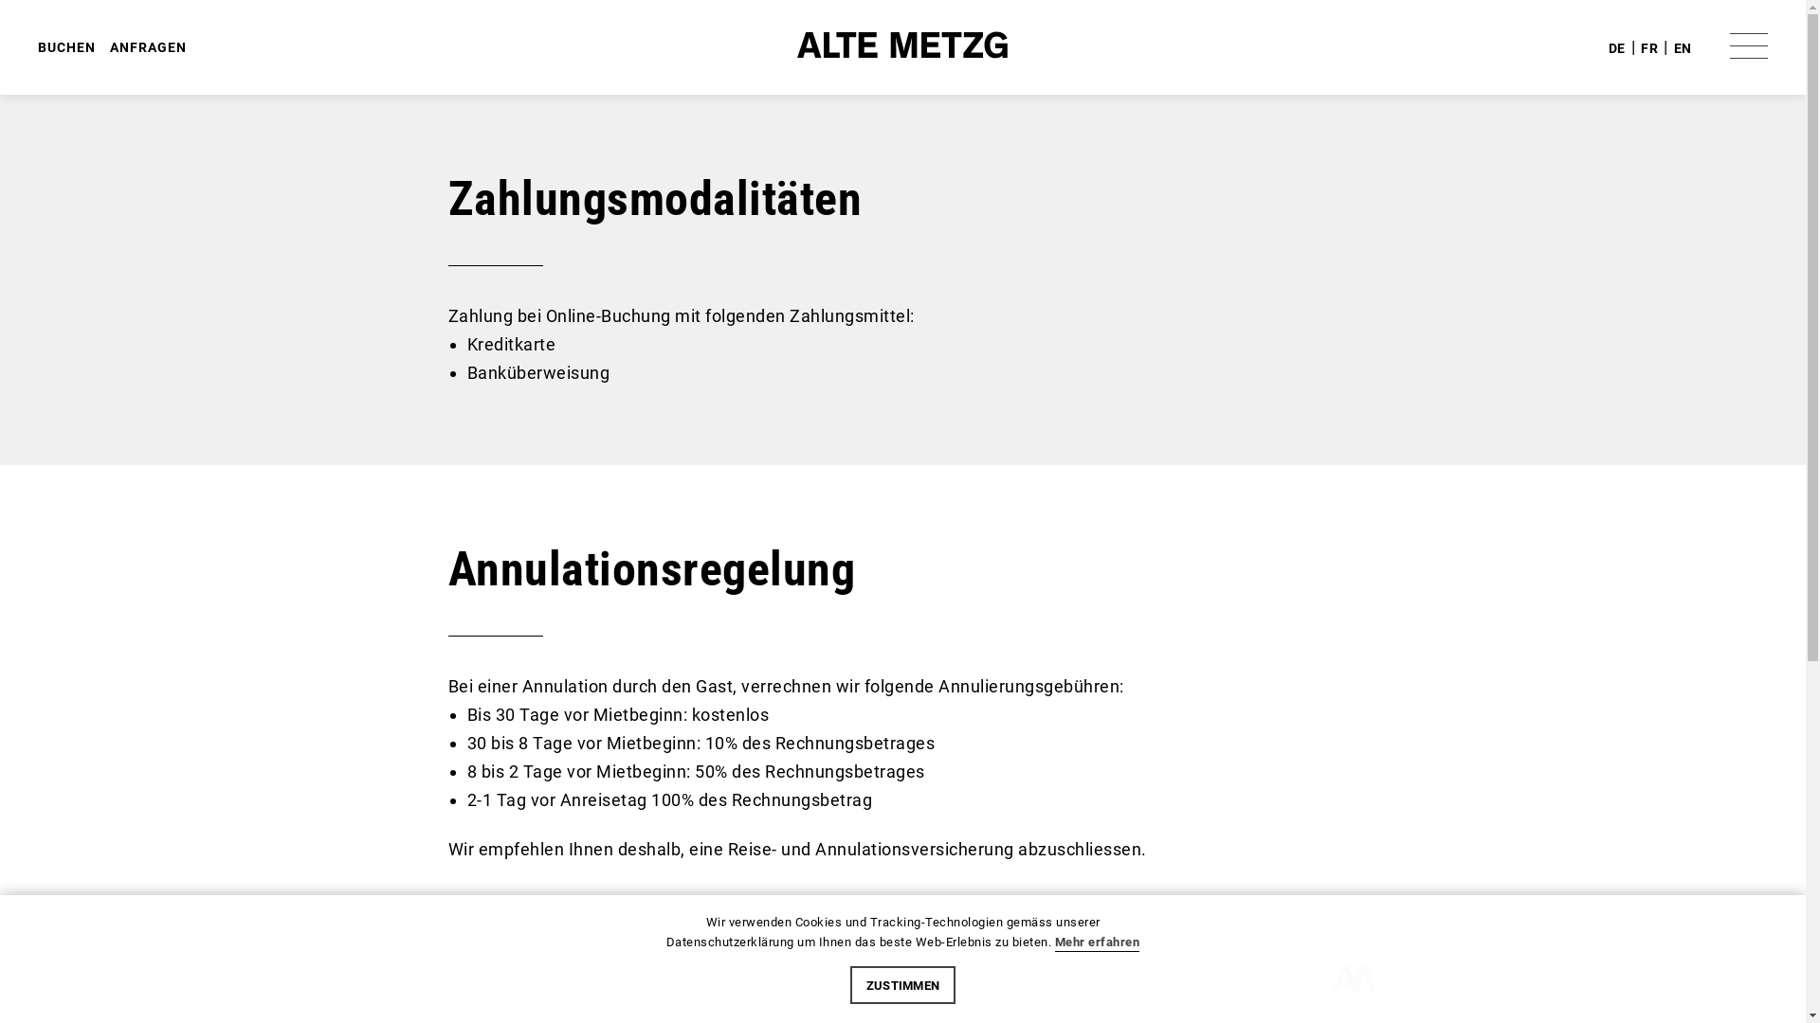  What do you see at coordinates (902, 984) in the screenshot?
I see `'ZUSTIMMEN'` at bounding box center [902, 984].